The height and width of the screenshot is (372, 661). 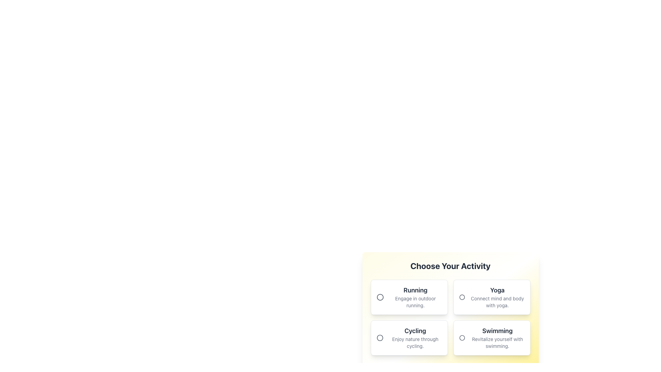 I want to click on the circular icon with a stroke design located next to the 'Running' option in the selection grid under 'Choose Your Activity.', so click(x=380, y=297).